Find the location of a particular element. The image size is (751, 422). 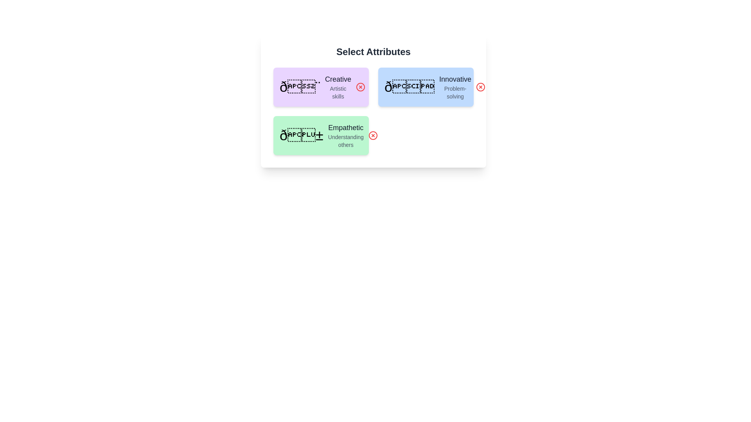

remove button for the attribute labeled Innovative is located at coordinates (480, 87).